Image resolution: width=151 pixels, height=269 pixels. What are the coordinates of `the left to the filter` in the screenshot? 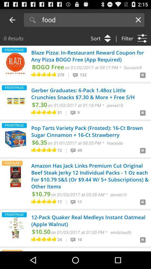 It's located at (99, 38).